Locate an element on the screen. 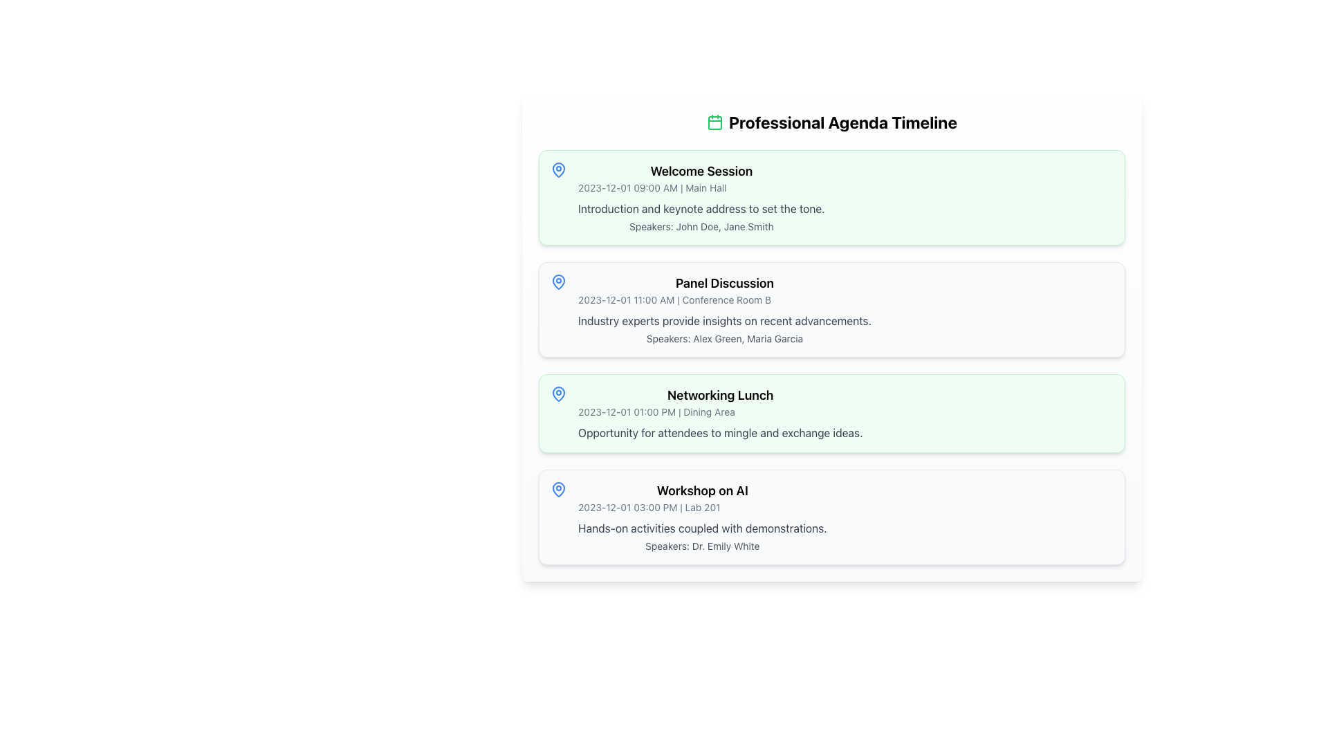 This screenshot has width=1328, height=747. the location indicator icon that visually cues the associated details for 'Main Hall', positioned to the left of the 'Welcome Session' text block is located at coordinates (558, 169).